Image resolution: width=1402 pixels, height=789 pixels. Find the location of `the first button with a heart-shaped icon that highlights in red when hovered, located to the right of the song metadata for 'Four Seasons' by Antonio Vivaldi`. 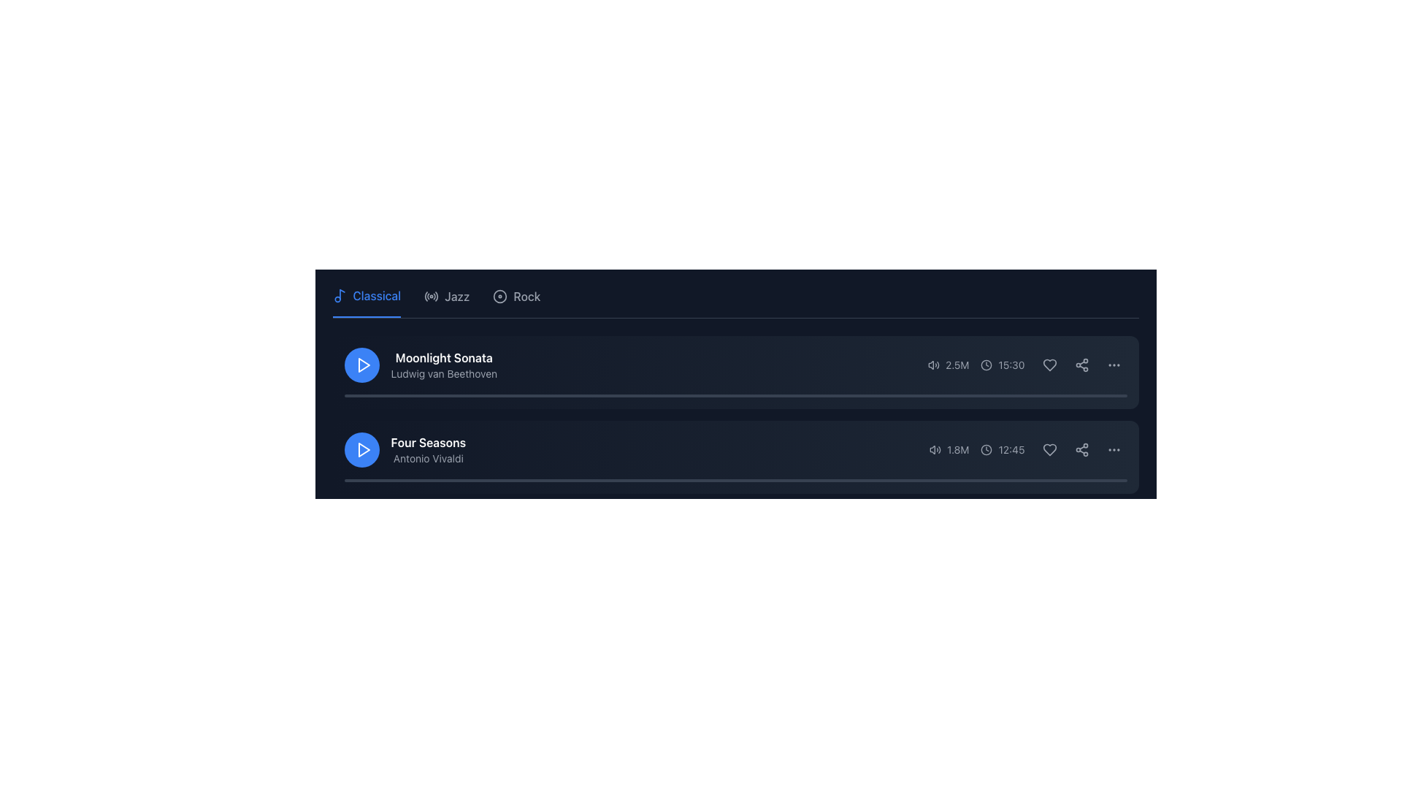

the first button with a heart-shaped icon that highlights in red when hovered, located to the right of the song metadata for 'Four Seasons' by Antonio Vivaldi is located at coordinates (1049, 449).